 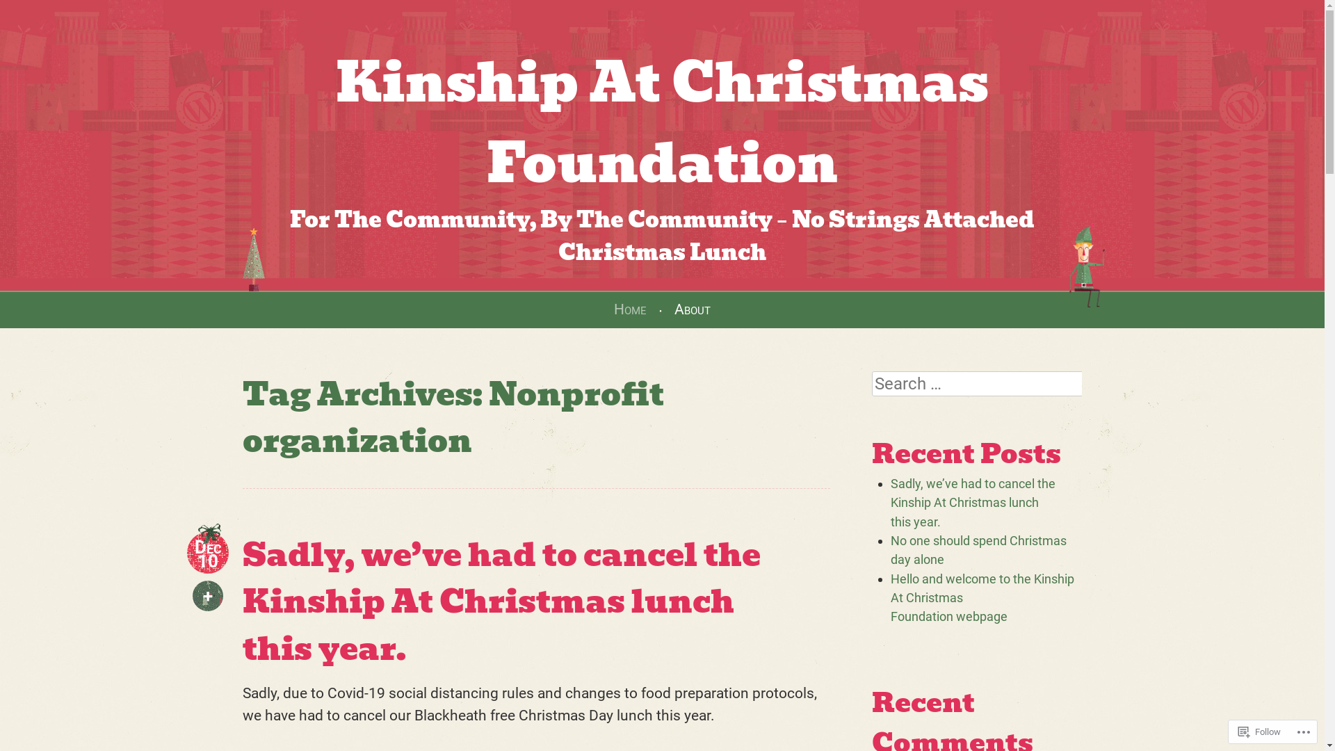 I want to click on '+', so click(x=207, y=595).